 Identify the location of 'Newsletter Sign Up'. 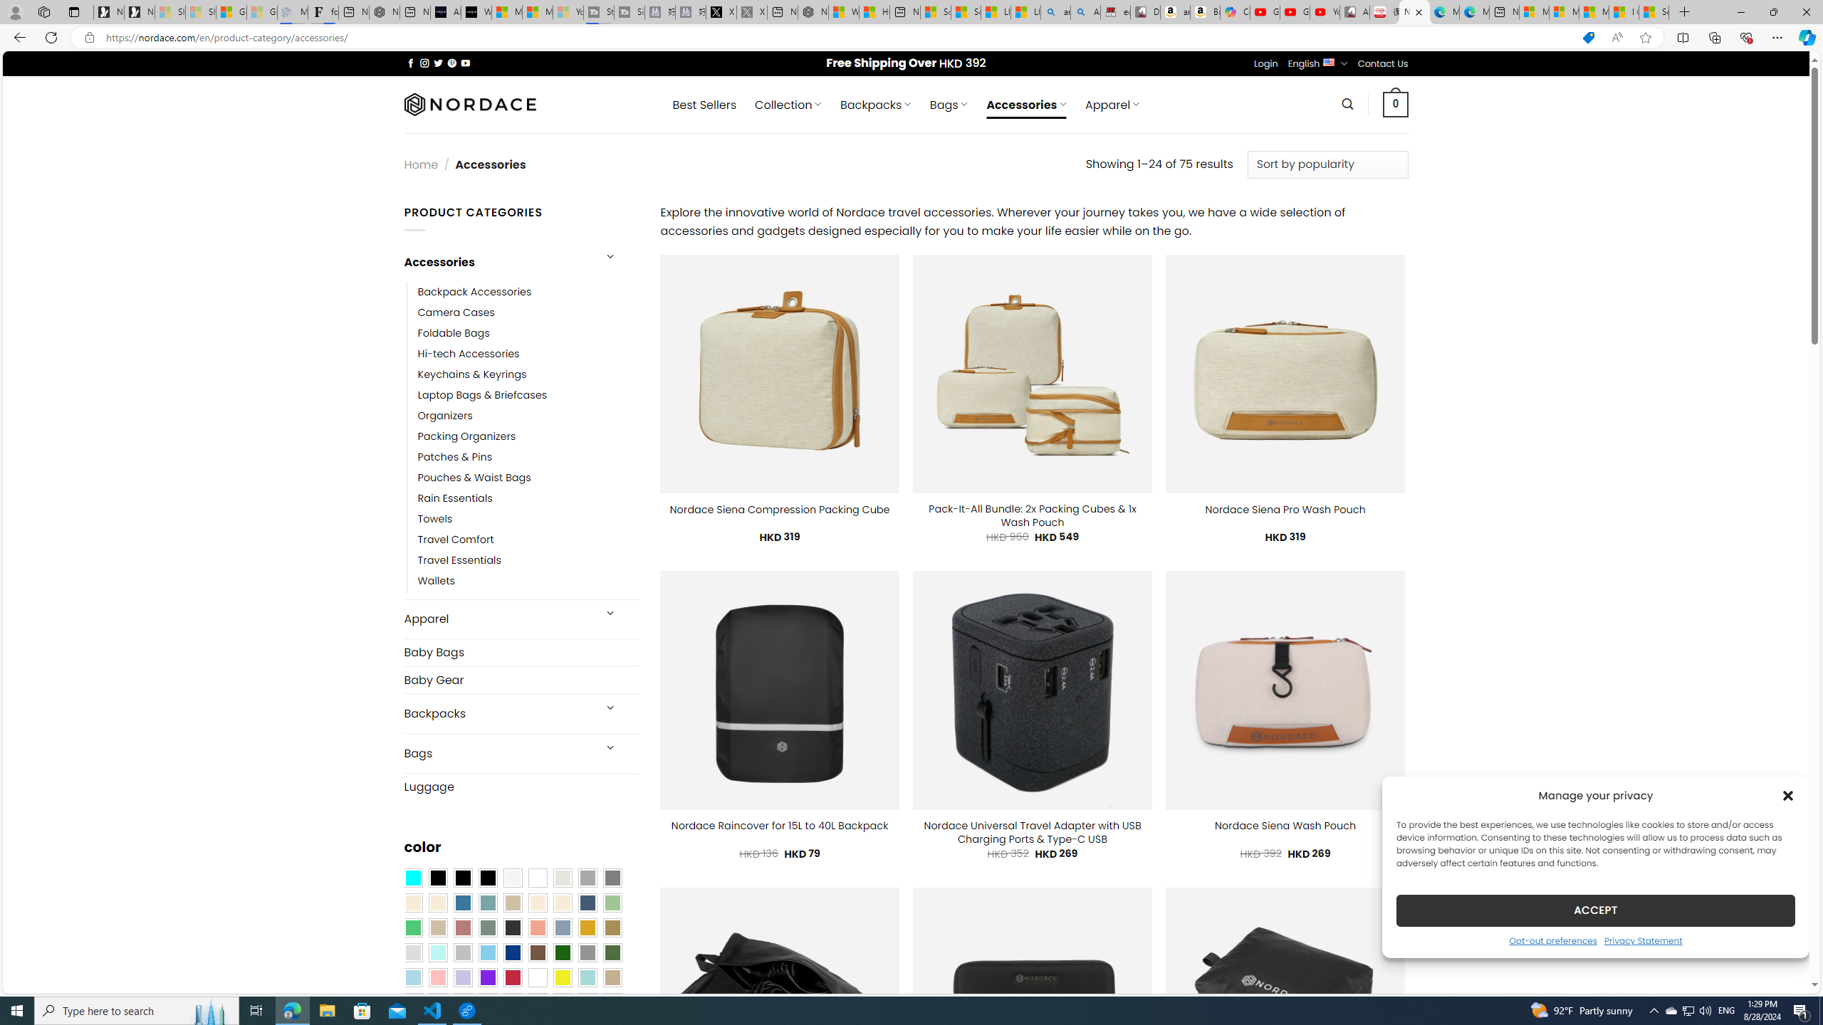
(139, 11).